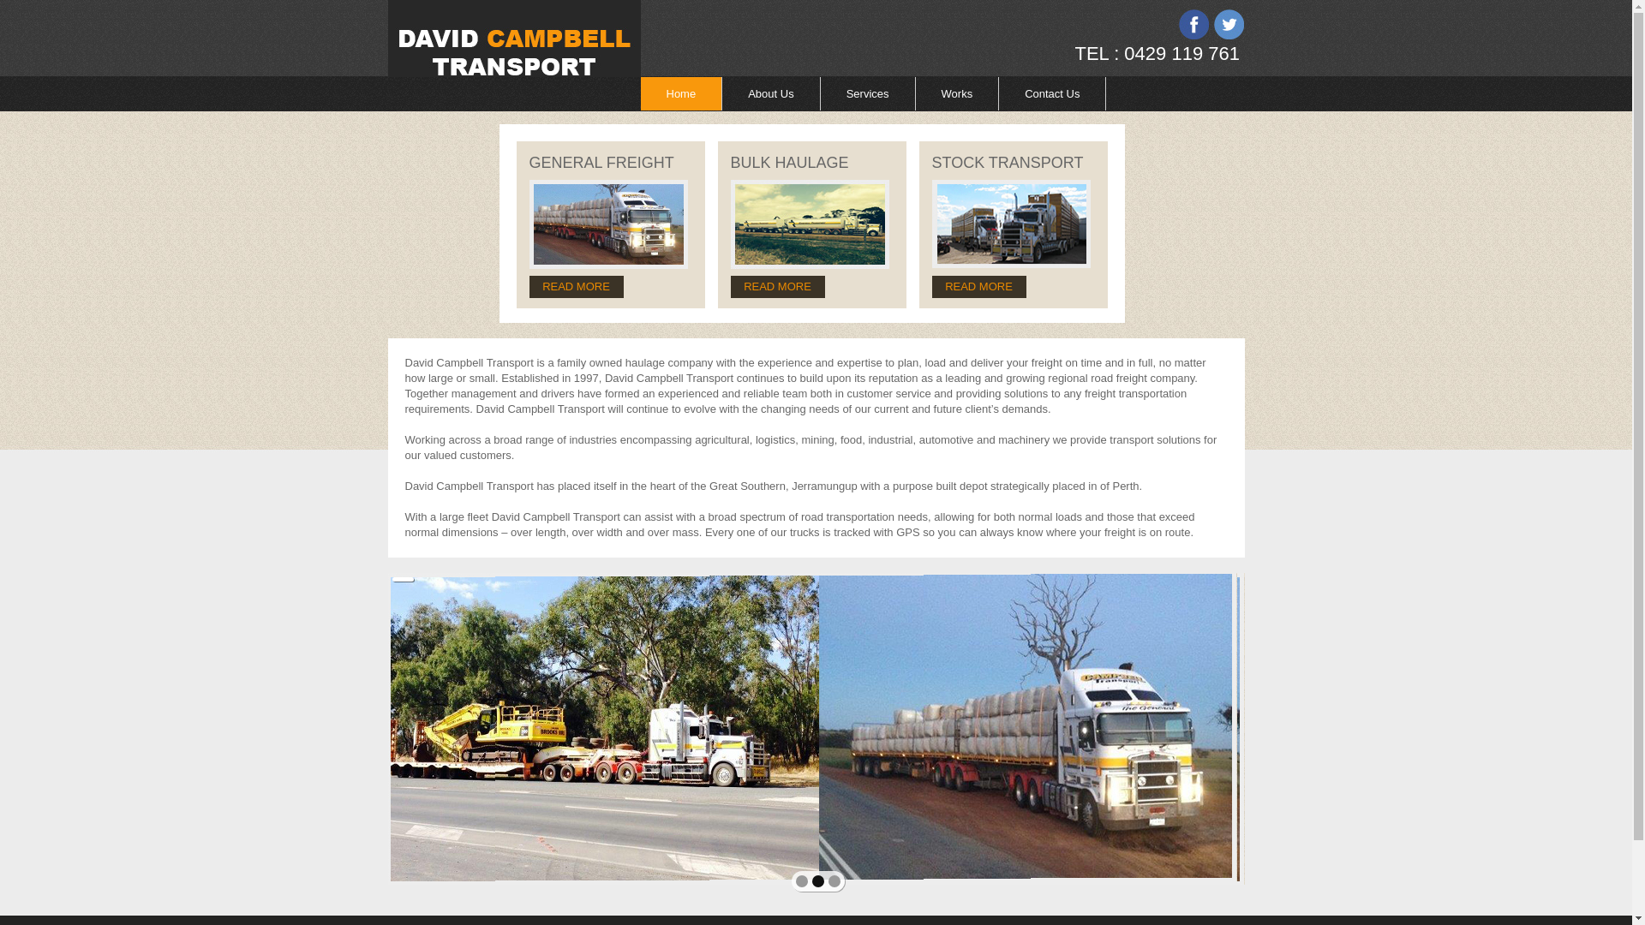 This screenshot has width=1645, height=925. What do you see at coordinates (868, 93) in the screenshot?
I see `'Services'` at bounding box center [868, 93].